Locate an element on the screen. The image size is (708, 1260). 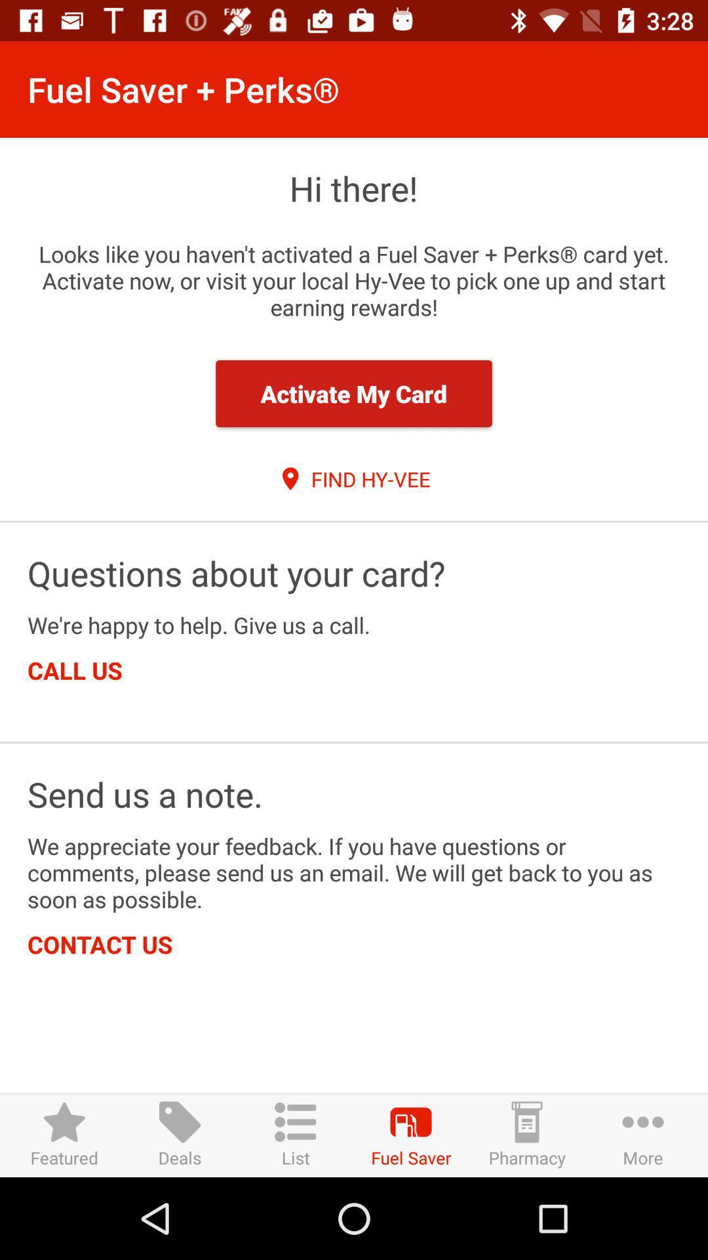
the icon to the left of the deals icon is located at coordinates (64, 1135).